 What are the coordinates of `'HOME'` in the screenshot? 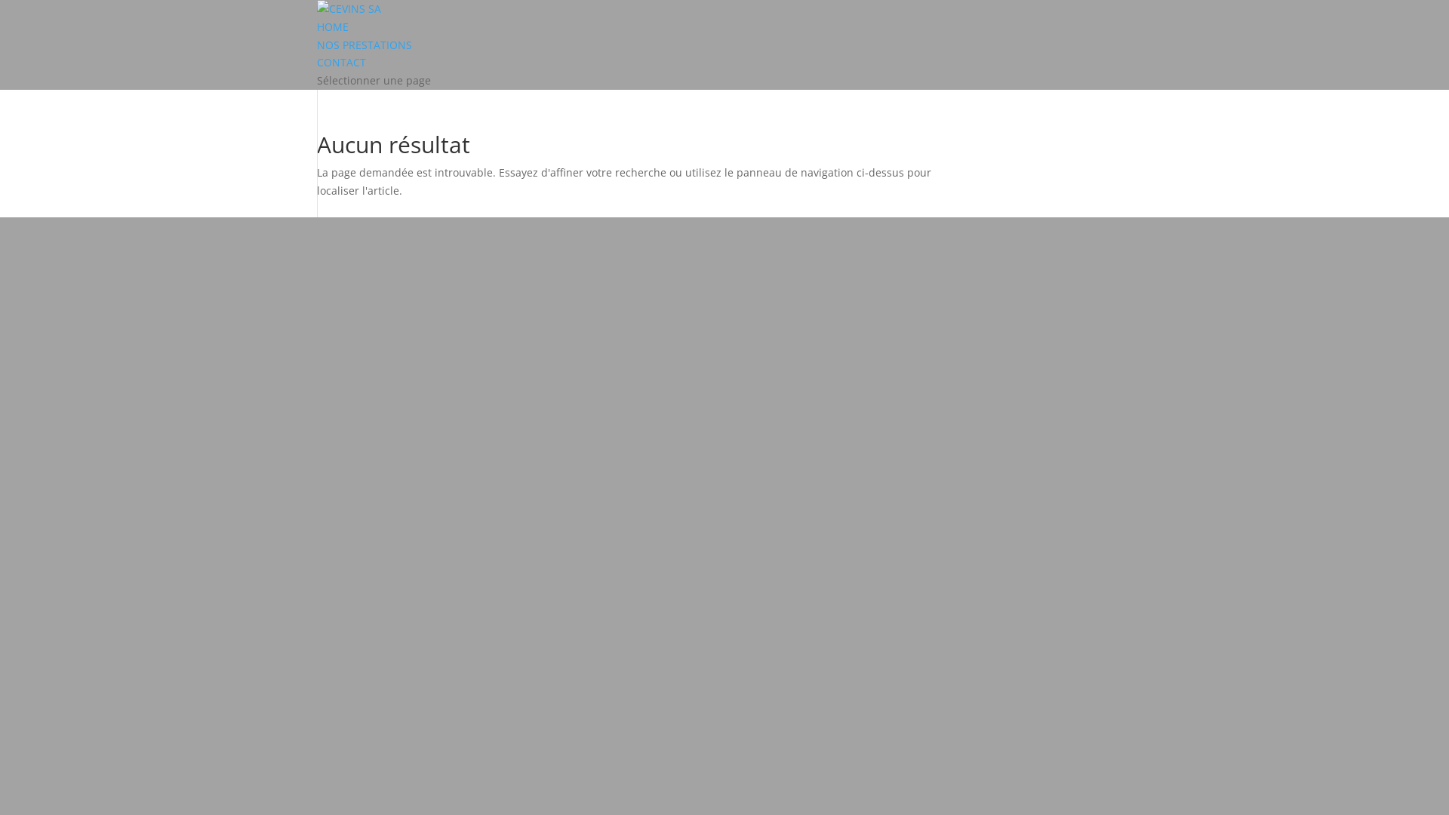 It's located at (332, 26).